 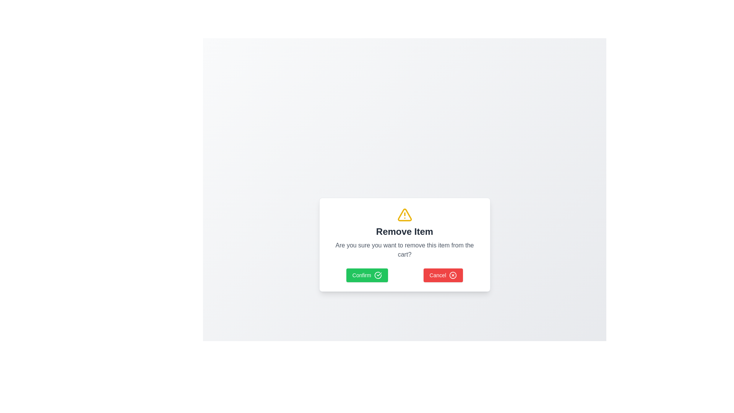 What do you see at coordinates (378, 275) in the screenshot?
I see `the visual representation of the icon graphic located within the 'Confirm' button, which indicates a positive action confirmation` at bounding box center [378, 275].